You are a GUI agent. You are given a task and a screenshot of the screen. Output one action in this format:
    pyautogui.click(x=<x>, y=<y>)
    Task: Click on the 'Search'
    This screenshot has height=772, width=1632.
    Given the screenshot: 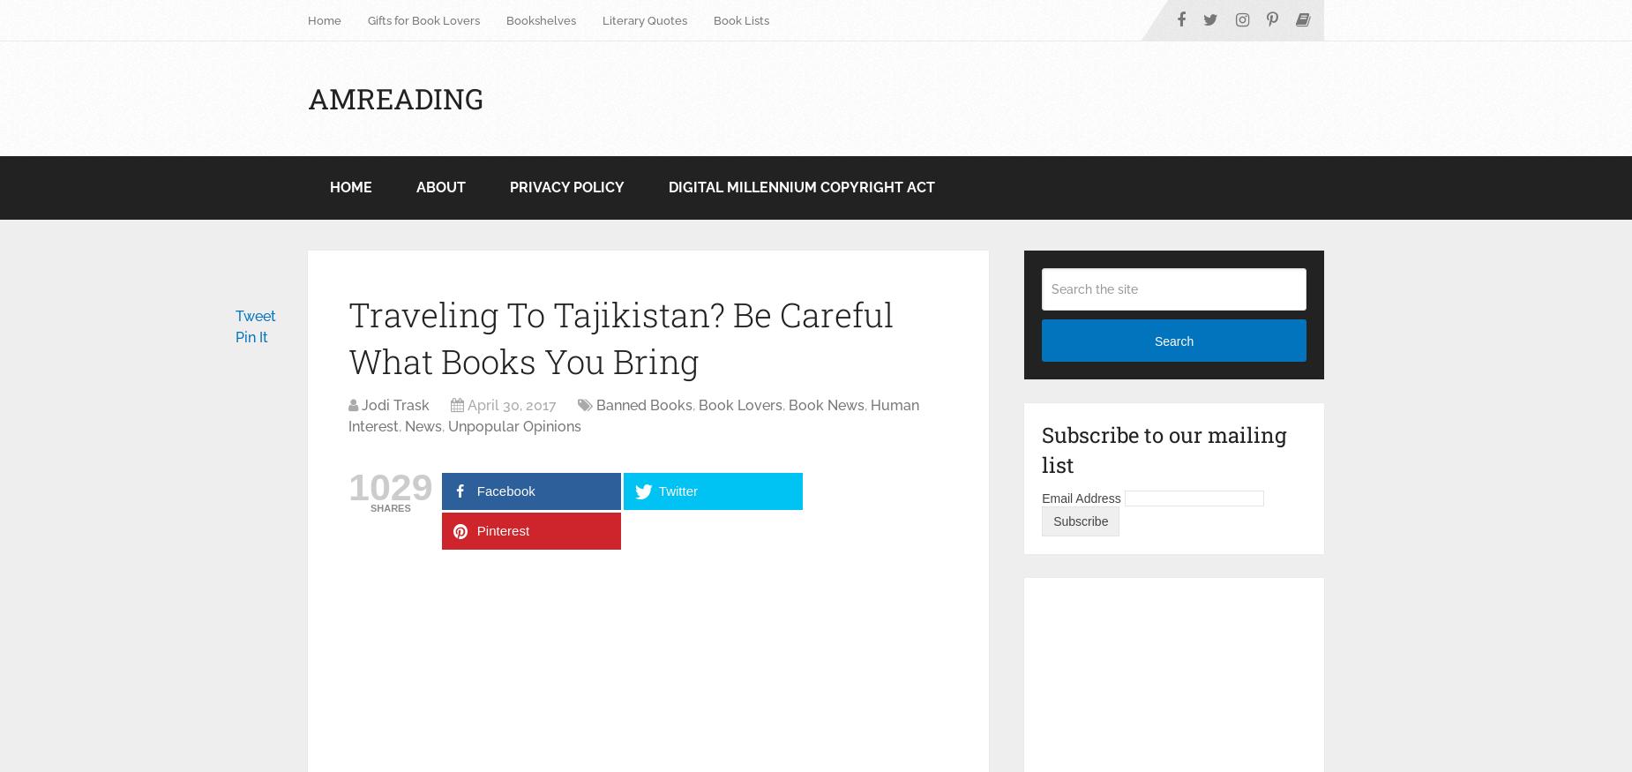 What is the action you would take?
    pyautogui.click(x=1172, y=339)
    